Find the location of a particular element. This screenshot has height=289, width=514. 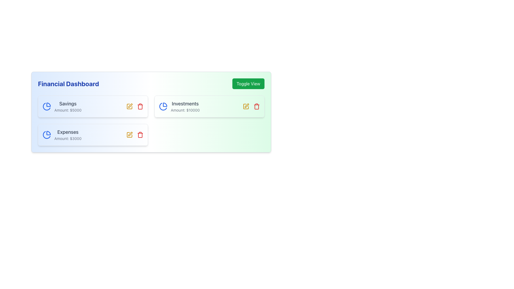

the Visual Information Segment displaying 'Investments' with a pie chart icon is located at coordinates (179, 106).